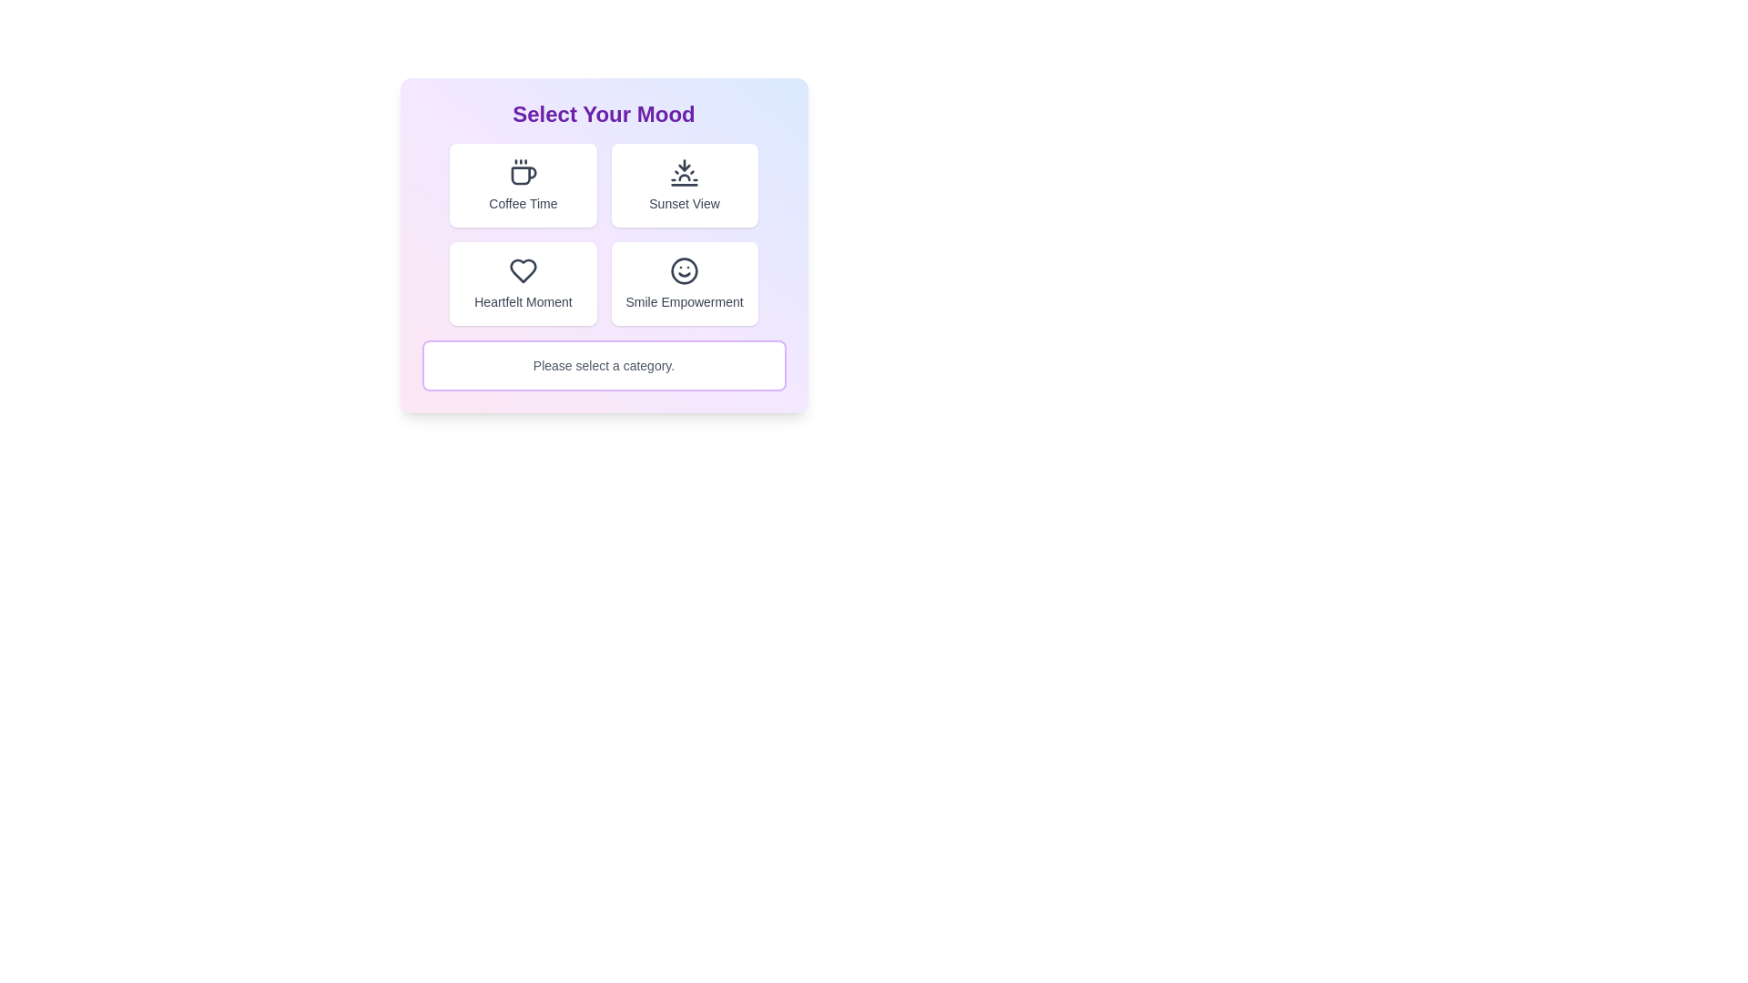  What do you see at coordinates (604, 365) in the screenshot?
I see `the text label that says 'Please select a category.' which is styled with a gray color and located at the bottom center of the 'Select Your Mood' box` at bounding box center [604, 365].